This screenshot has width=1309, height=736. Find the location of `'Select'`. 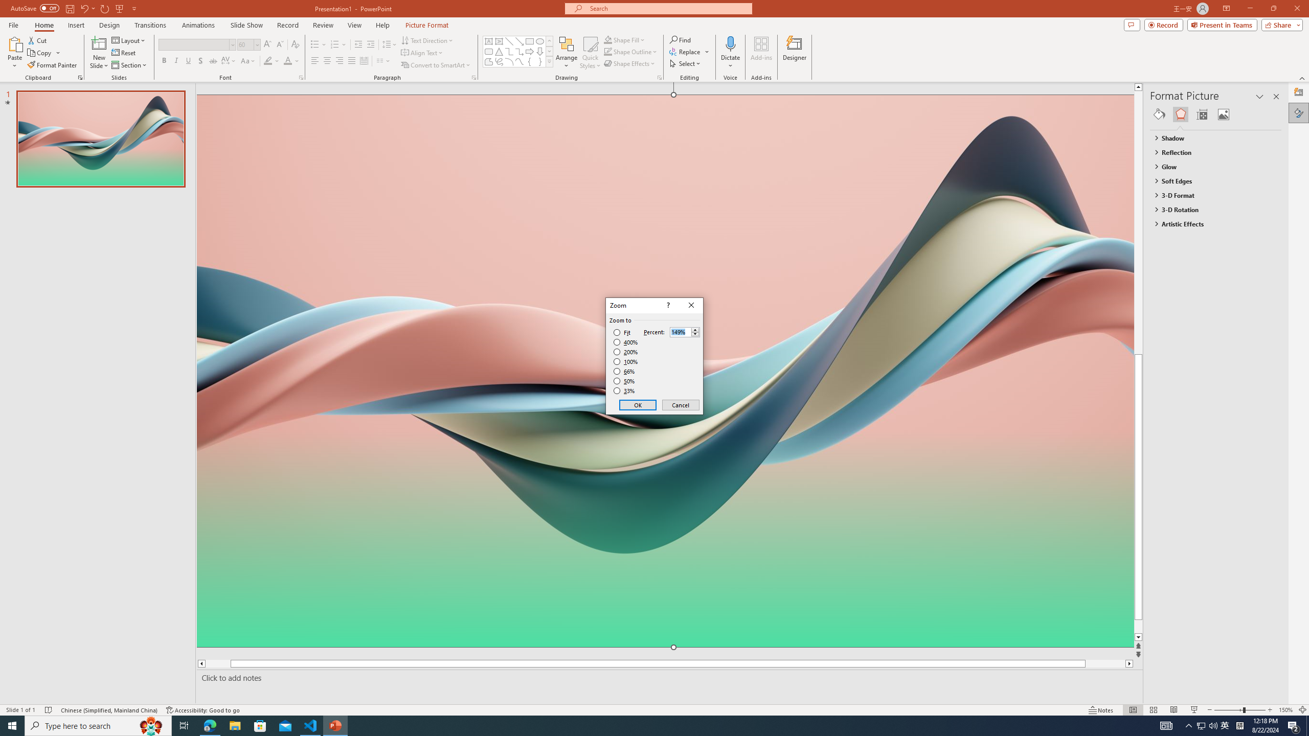

'Select' is located at coordinates (686, 62).